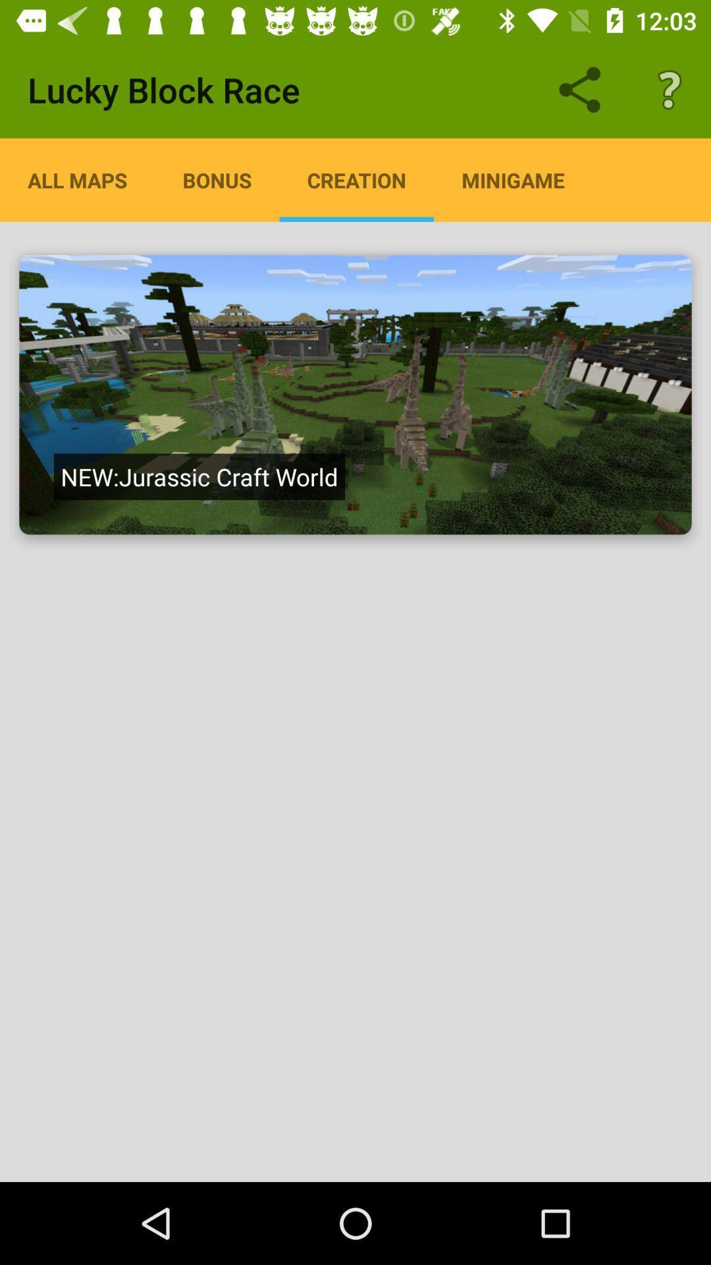 The image size is (711, 1265). I want to click on app next to the minigame, so click(356, 179).